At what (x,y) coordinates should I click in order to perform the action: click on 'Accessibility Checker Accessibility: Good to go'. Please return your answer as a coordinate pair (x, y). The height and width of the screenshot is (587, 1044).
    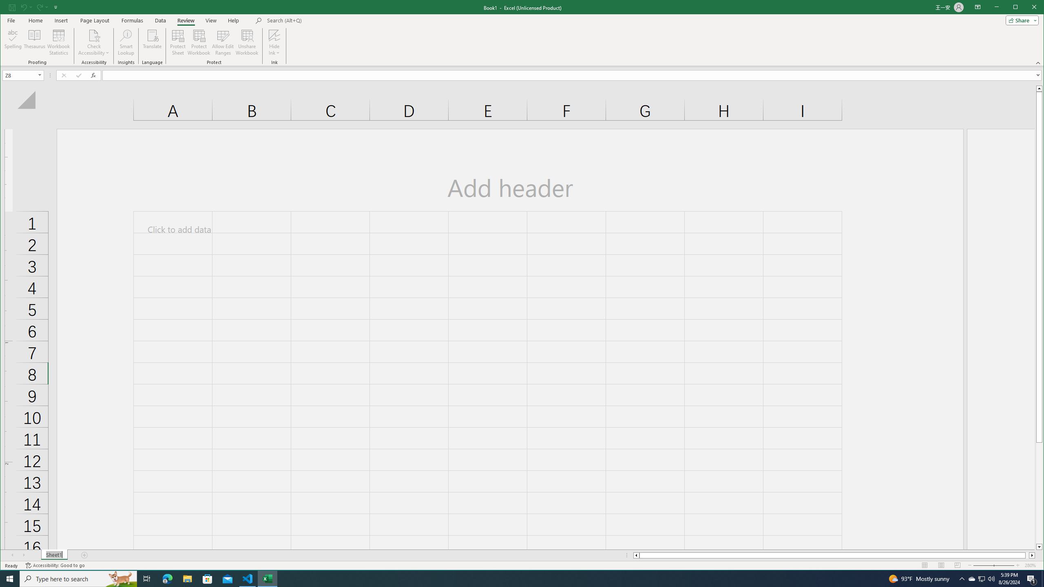
    Looking at the image, I should click on (55, 565).